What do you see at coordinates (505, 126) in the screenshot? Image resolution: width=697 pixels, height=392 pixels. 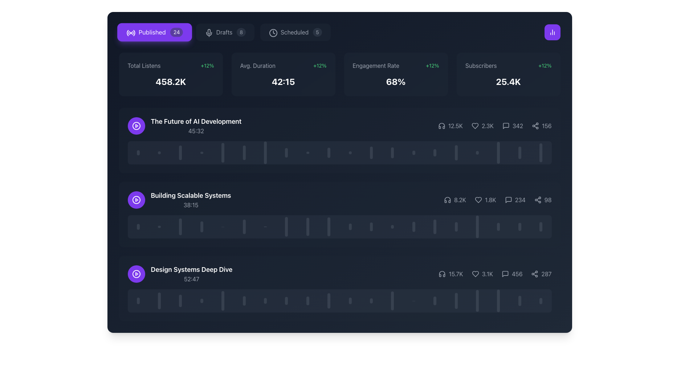 I see `the comment icon, which is a gray square speech bubble with rounded corners located next to the number '342'` at bounding box center [505, 126].